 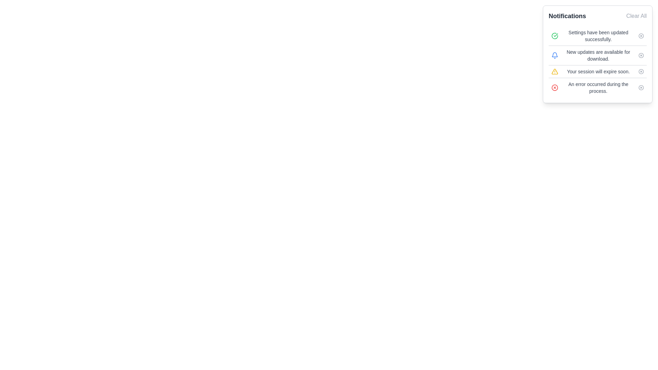 I want to click on the warning icon that signifies a notification for 'Your session will expire soon', located in the third notification item, to the left of the corresponding text, so click(x=555, y=71).